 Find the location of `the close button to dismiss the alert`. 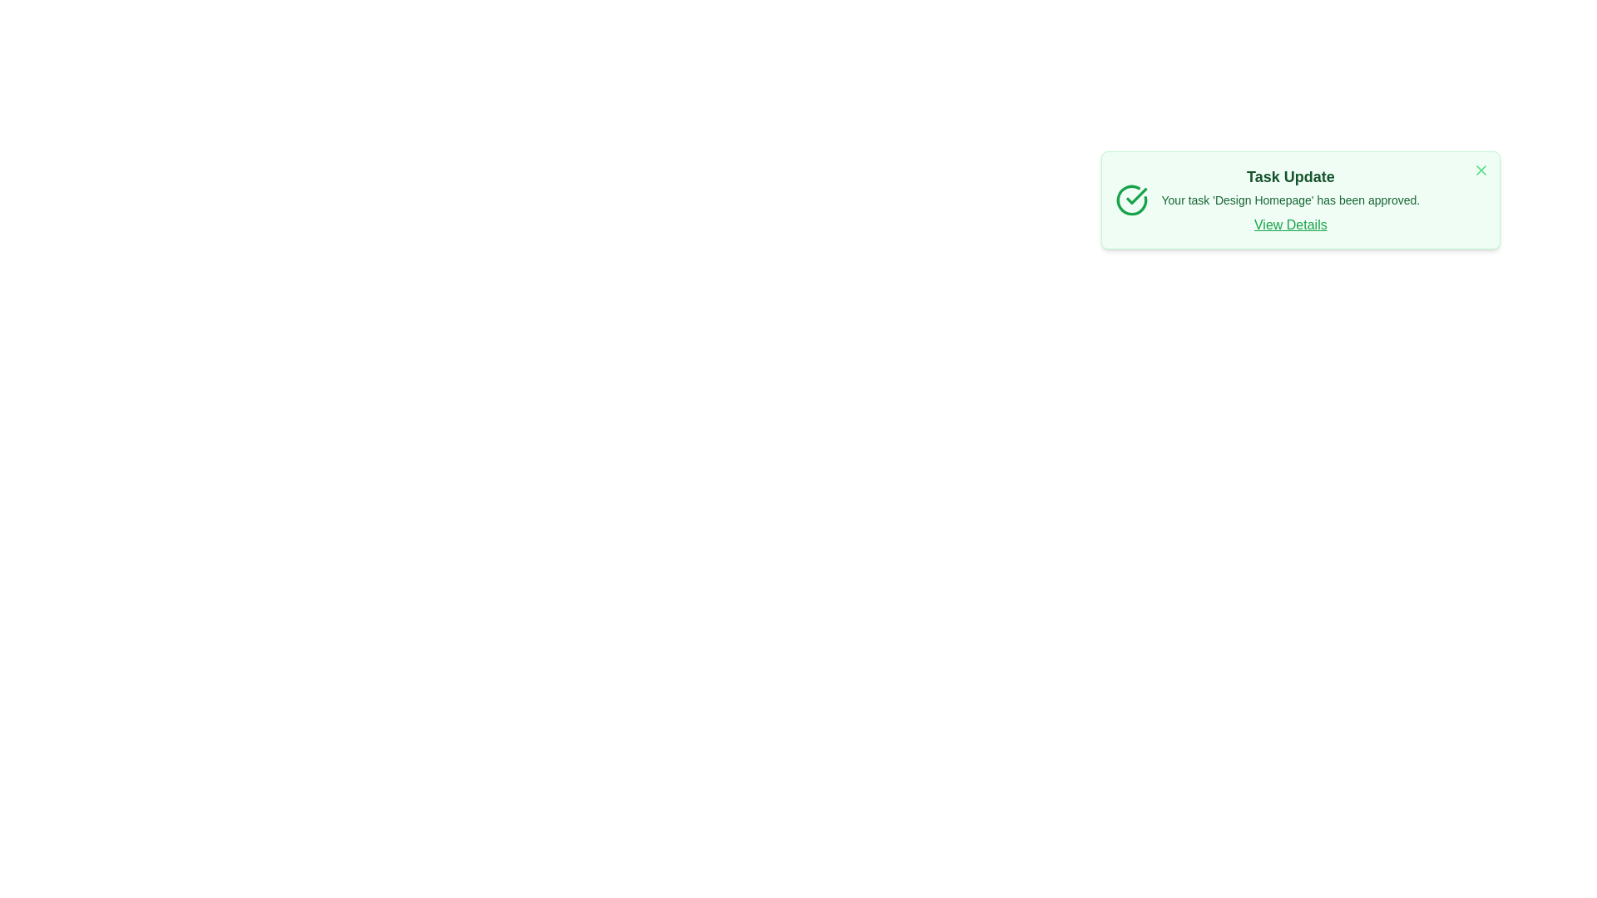

the close button to dismiss the alert is located at coordinates (1481, 170).